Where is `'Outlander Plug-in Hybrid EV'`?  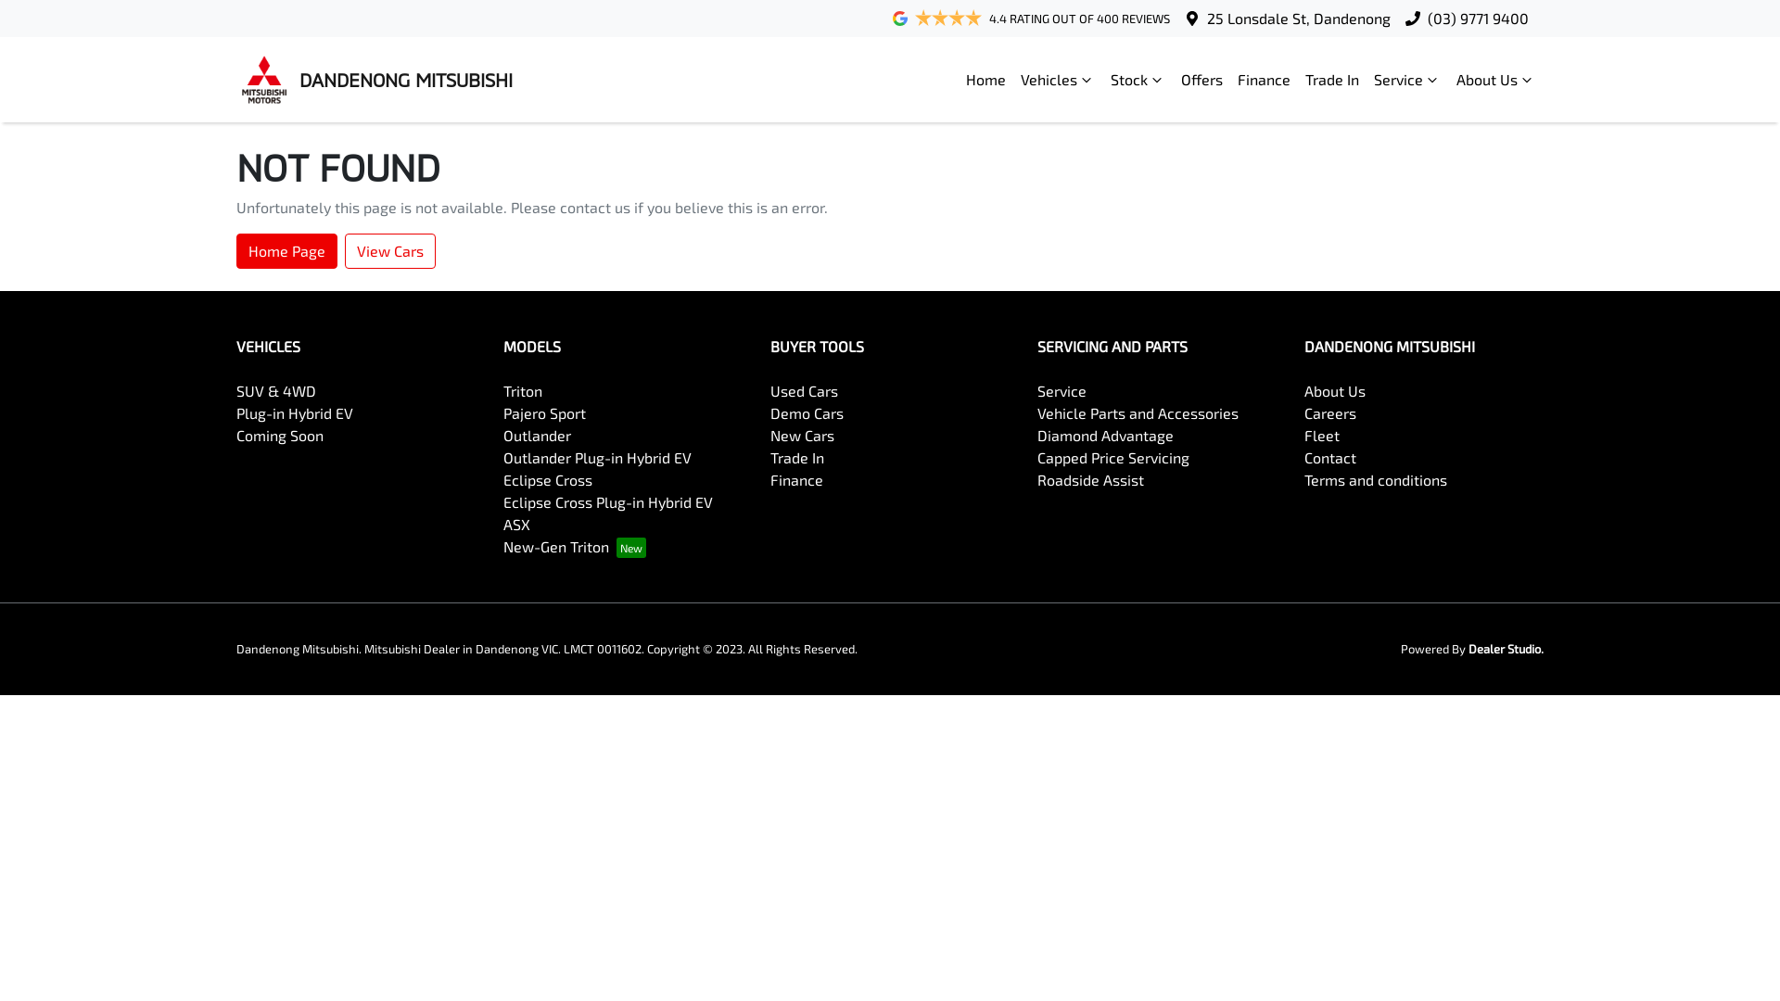
'Outlander Plug-in Hybrid EV' is located at coordinates (597, 457).